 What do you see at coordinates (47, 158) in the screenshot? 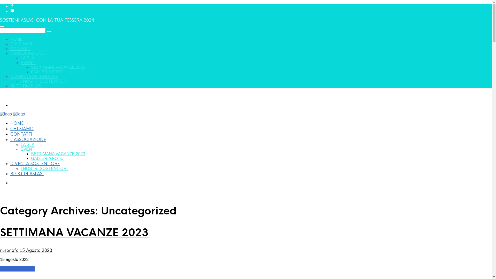
I see `'GALLERIA FOTO'` at bounding box center [47, 158].